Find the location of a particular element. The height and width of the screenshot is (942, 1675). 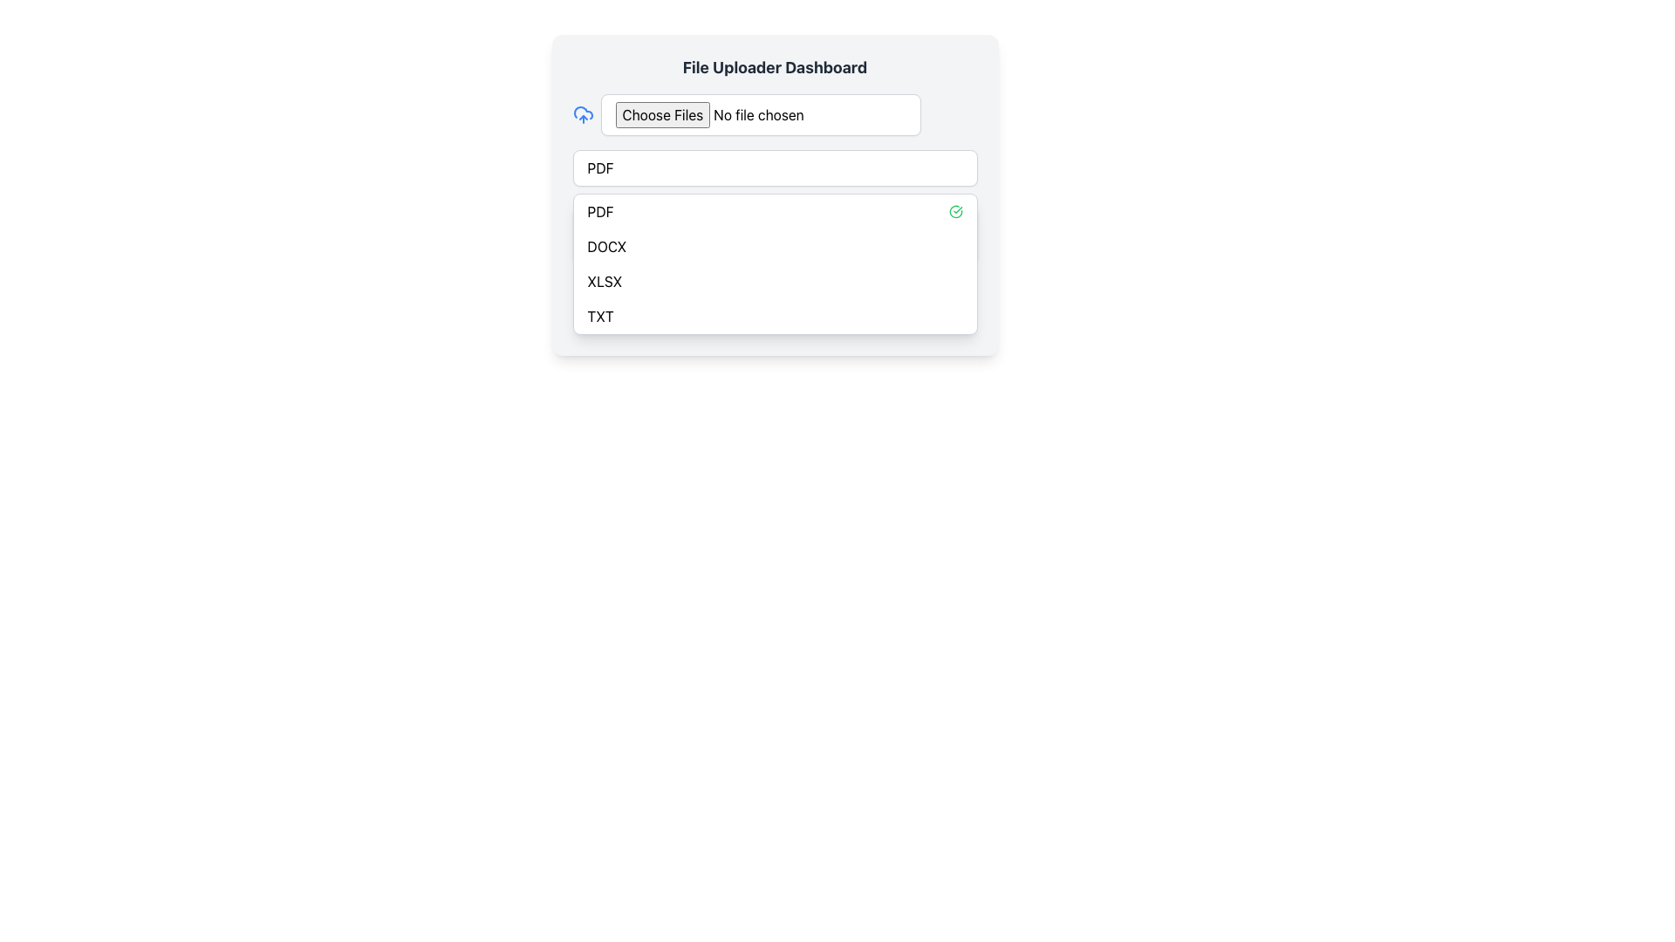

the 'DOCX' dropdown menu item, which is the second item in the dropdown list of file format options is located at coordinates (606, 246).